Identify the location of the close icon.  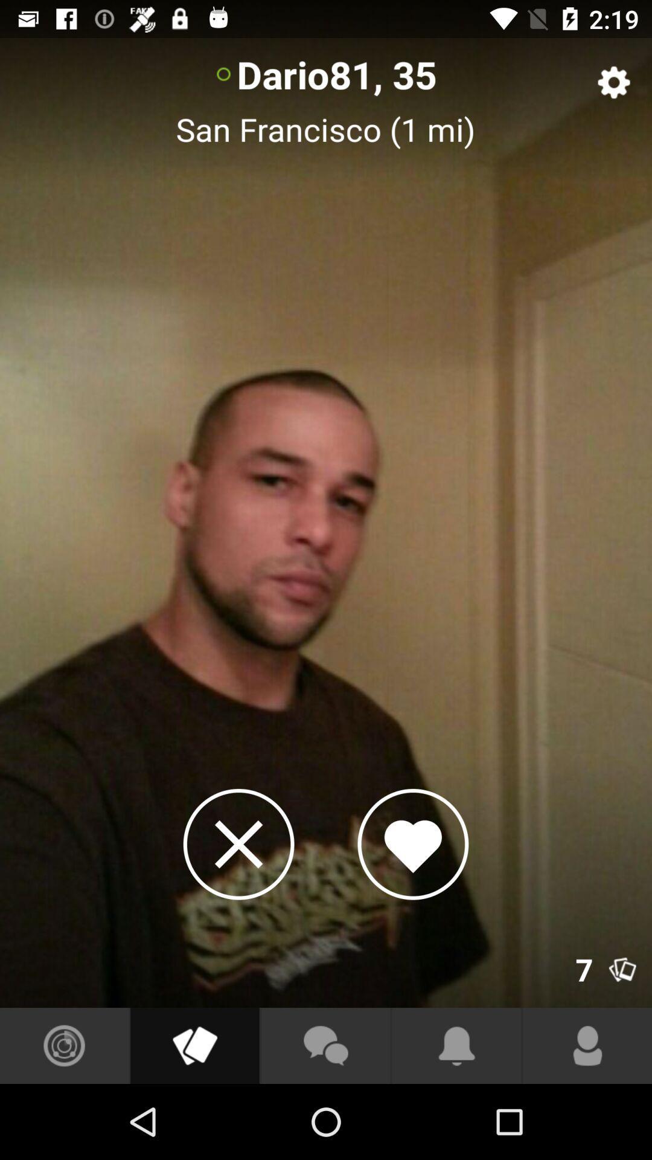
(238, 843).